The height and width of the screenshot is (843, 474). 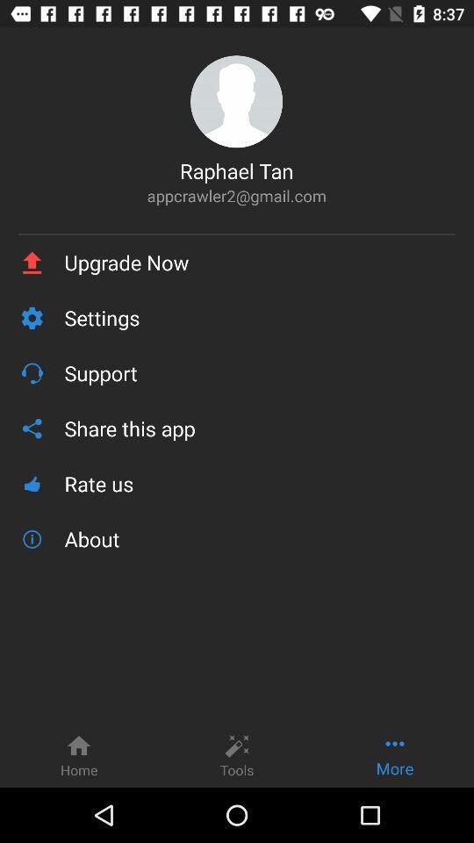 I want to click on the icon above the share this app, so click(x=259, y=373).